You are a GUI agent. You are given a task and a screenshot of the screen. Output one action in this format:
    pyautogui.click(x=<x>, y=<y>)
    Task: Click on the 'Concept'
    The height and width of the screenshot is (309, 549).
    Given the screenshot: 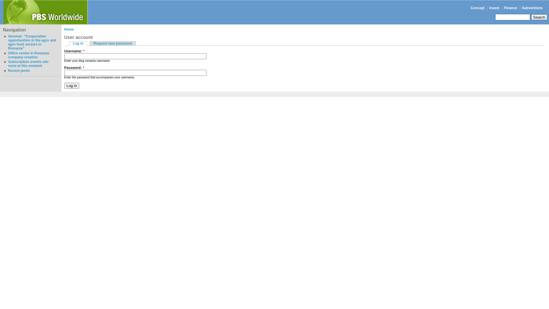 What is the action you would take?
    pyautogui.click(x=478, y=8)
    